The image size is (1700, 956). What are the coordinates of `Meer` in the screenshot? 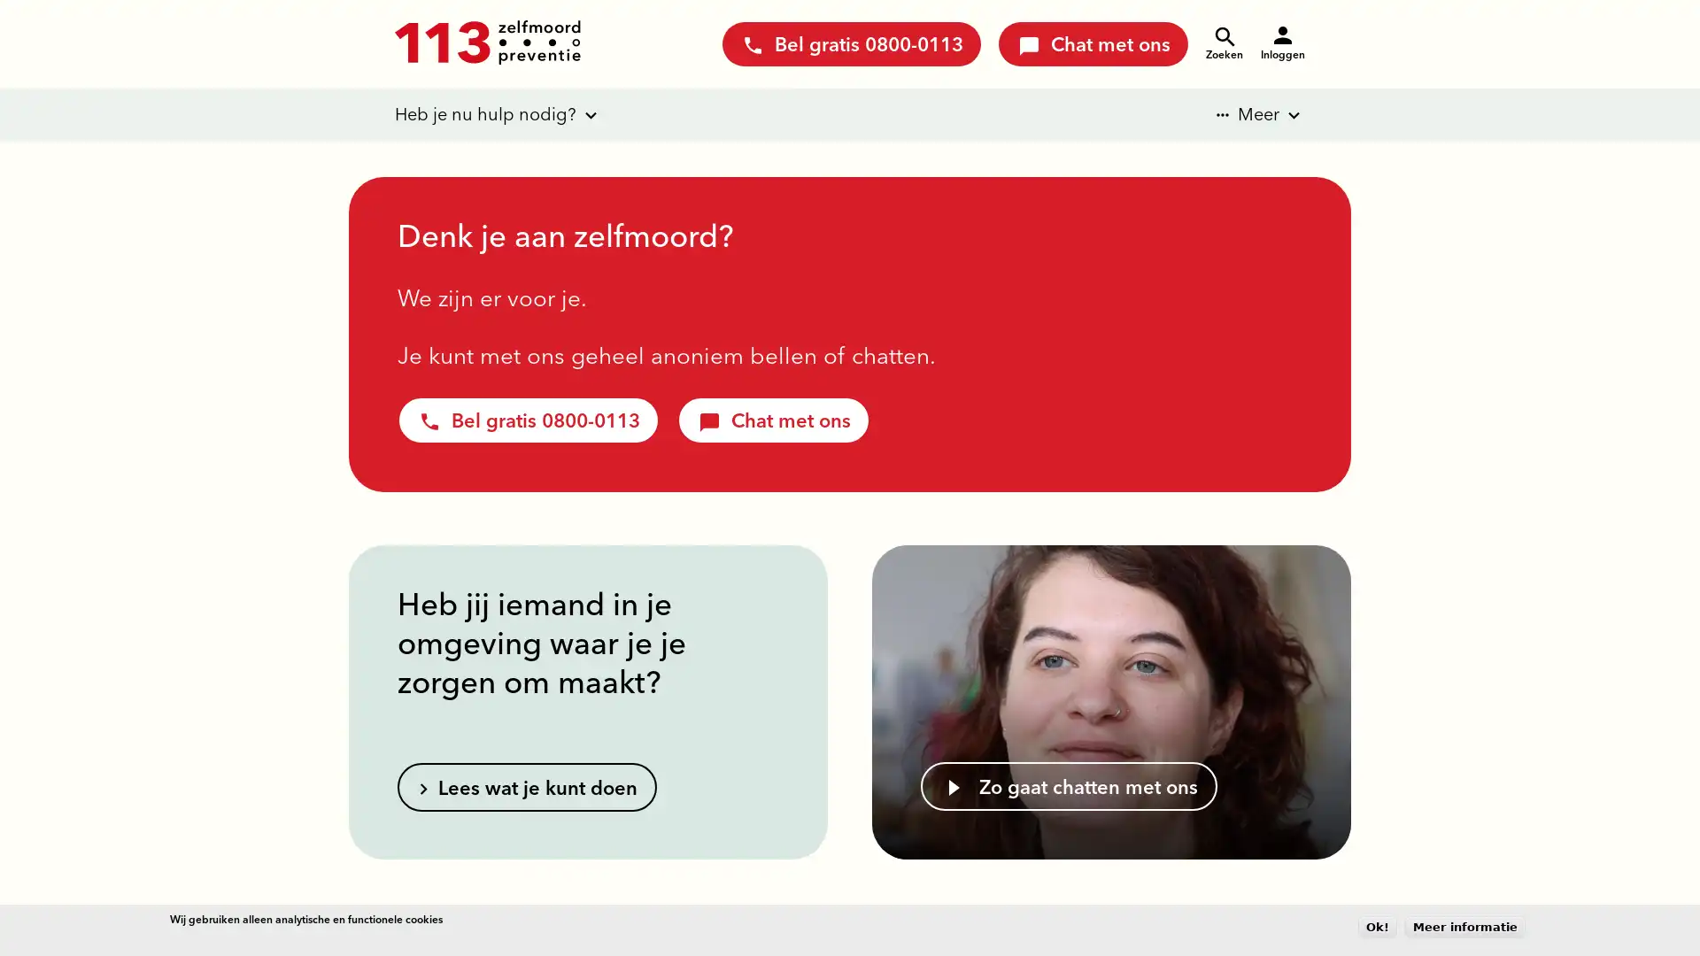 It's located at (1245, 115).